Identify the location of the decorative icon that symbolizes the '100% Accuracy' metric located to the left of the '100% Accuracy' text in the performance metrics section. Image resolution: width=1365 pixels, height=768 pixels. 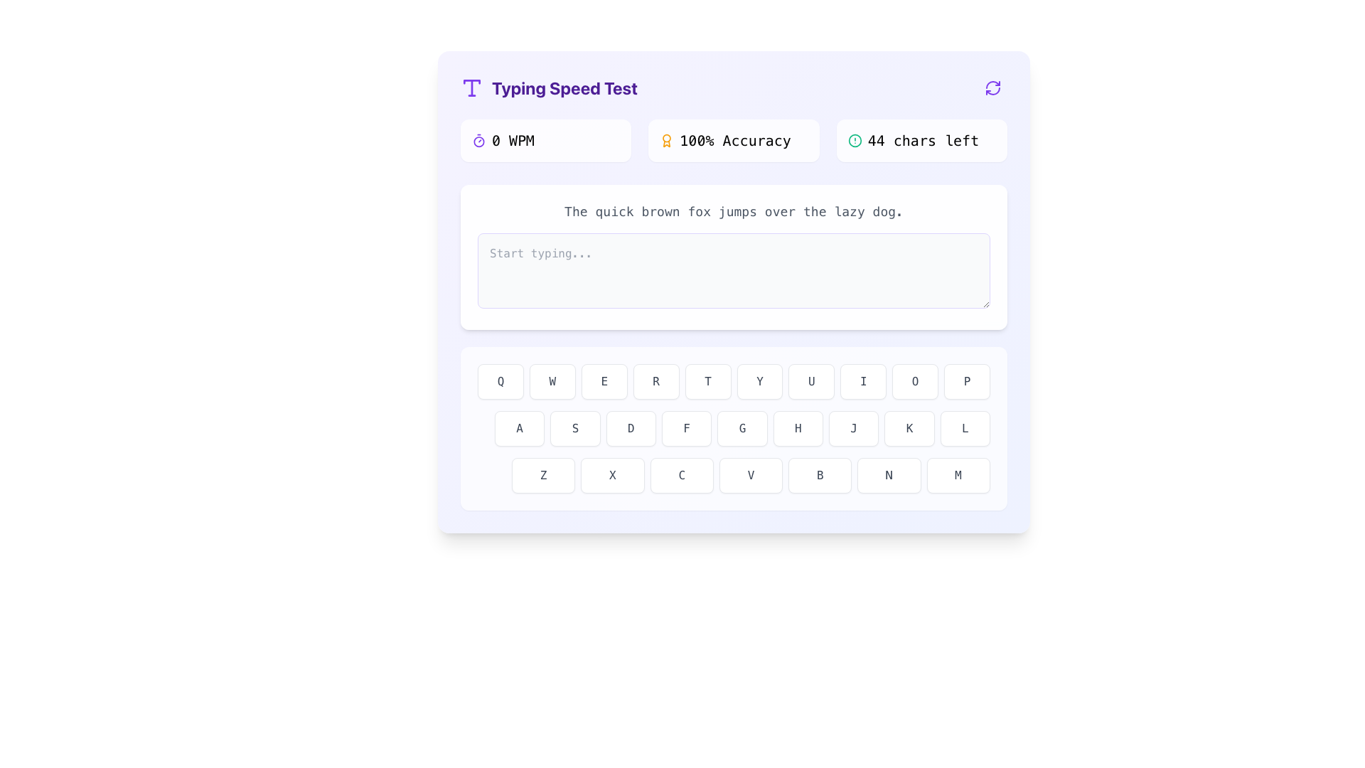
(666, 140).